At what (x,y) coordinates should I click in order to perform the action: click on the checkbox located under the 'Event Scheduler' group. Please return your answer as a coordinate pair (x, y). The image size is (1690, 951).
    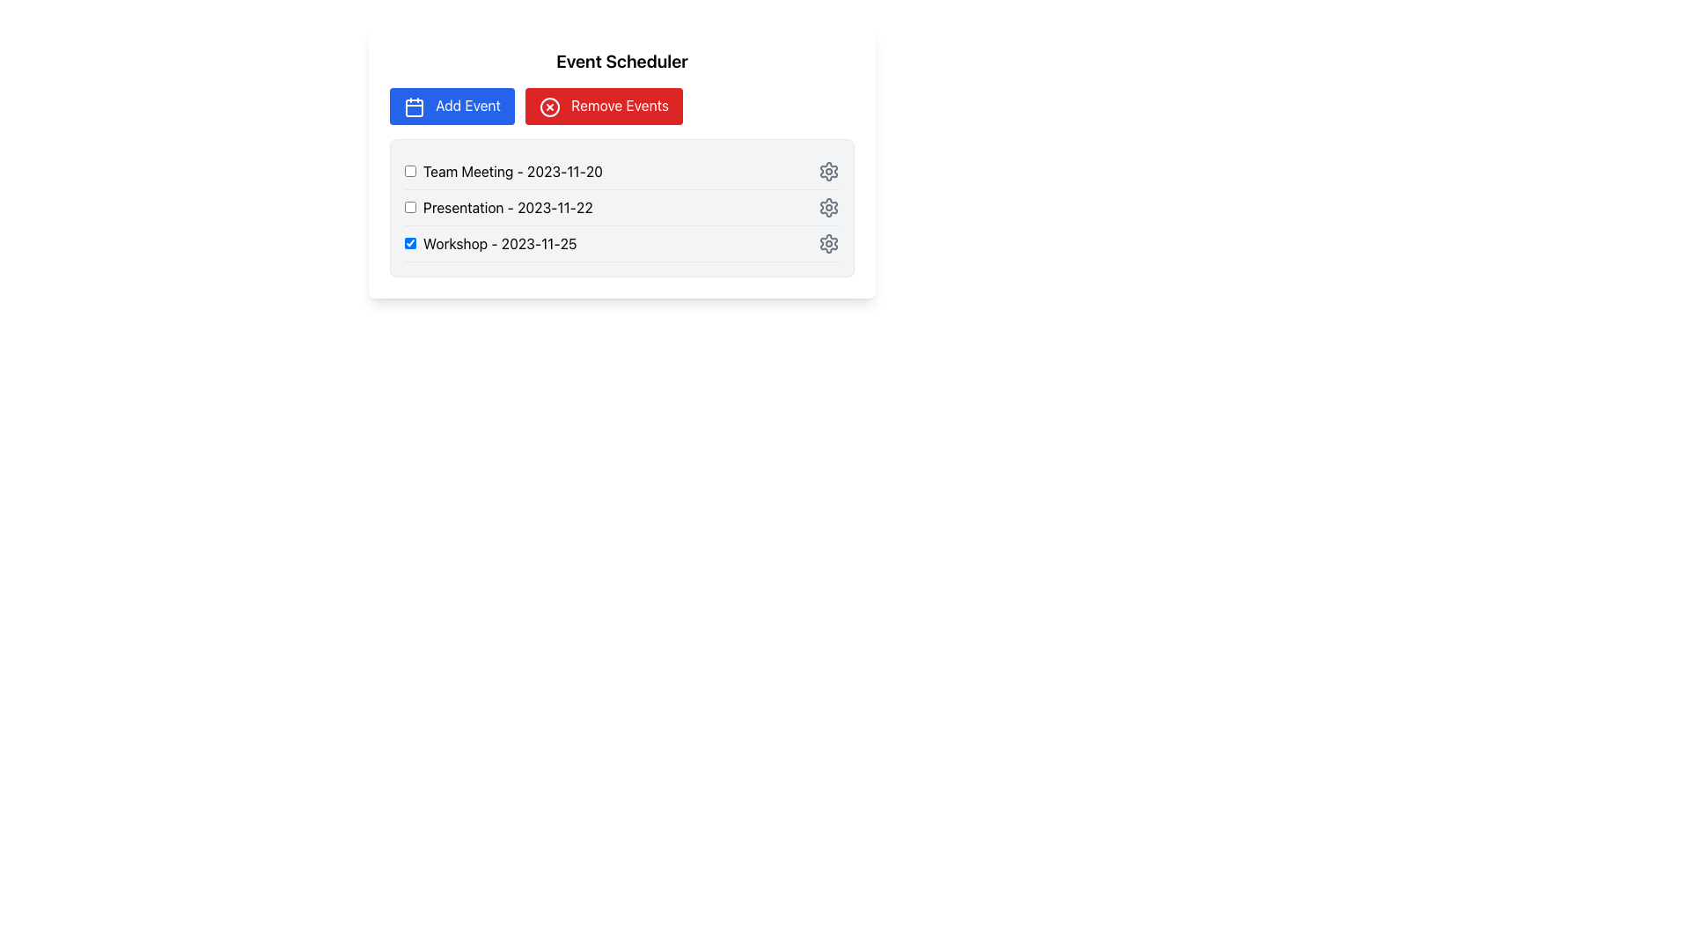
    Looking at the image, I should click on (497, 206).